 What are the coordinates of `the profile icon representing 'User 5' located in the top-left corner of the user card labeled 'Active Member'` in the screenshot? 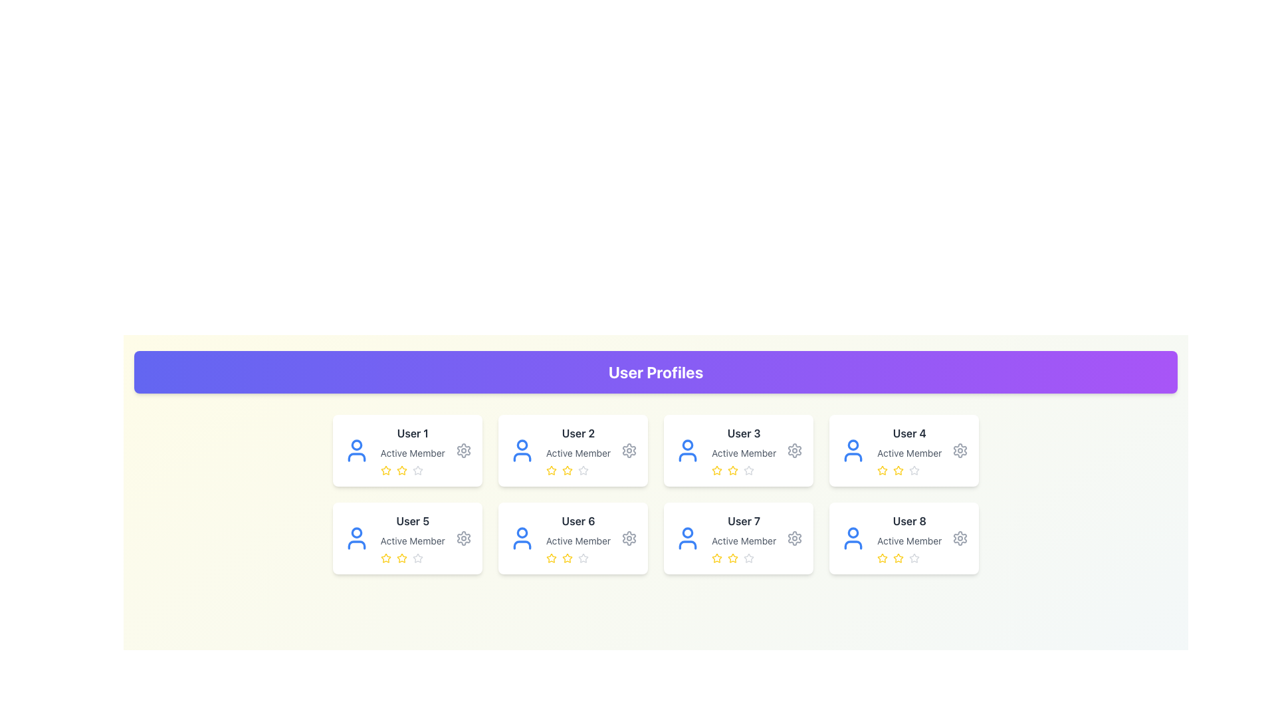 It's located at (356, 538).